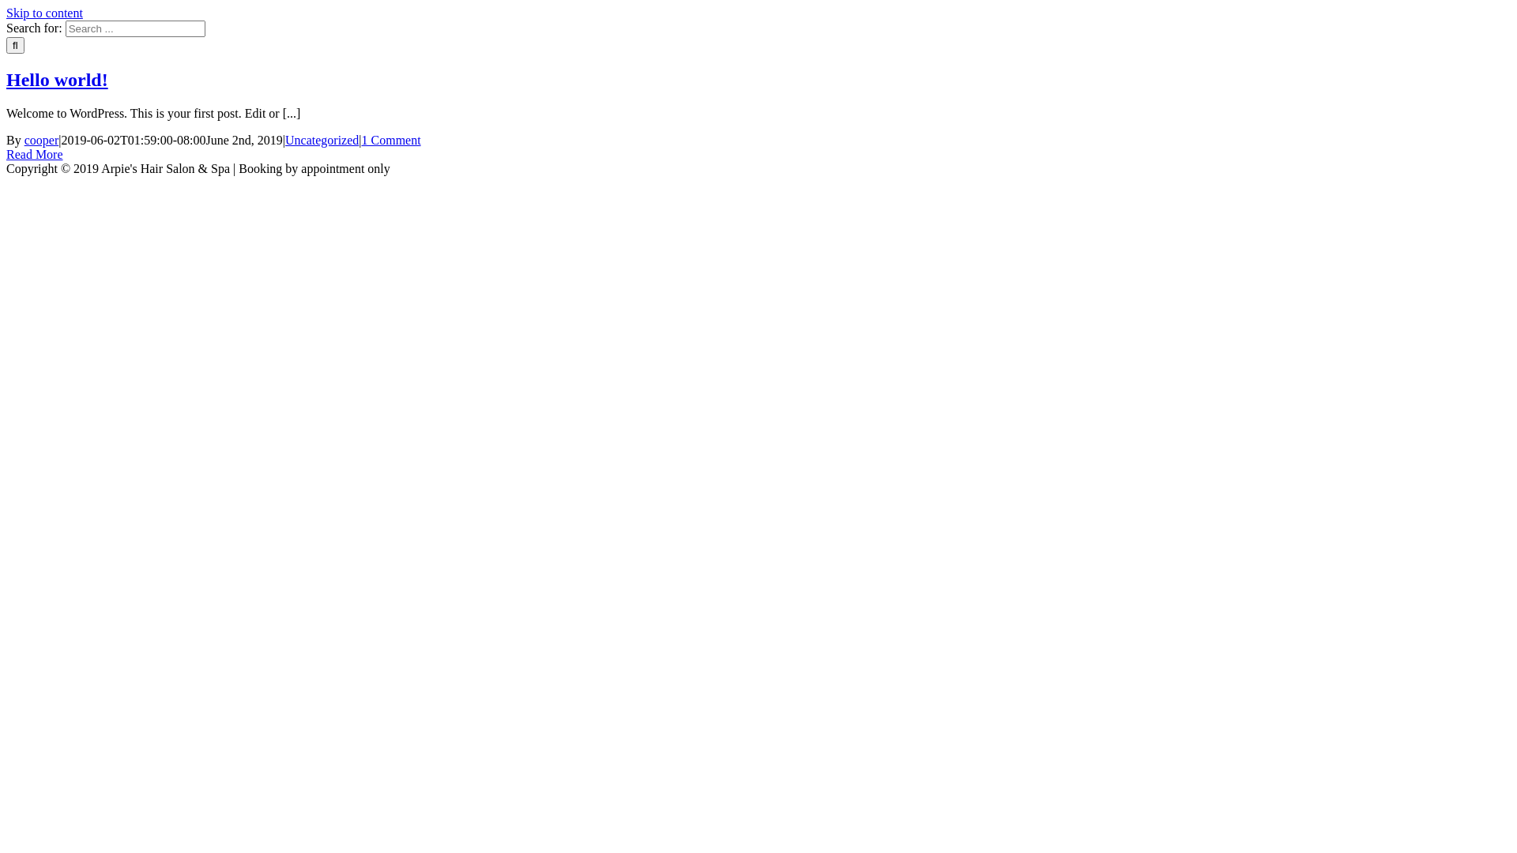 The height and width of the screenshot is (853, 1517). Describe the element at coordinates (34, 154) in the screenshot. I see `'Read More'` at that location.